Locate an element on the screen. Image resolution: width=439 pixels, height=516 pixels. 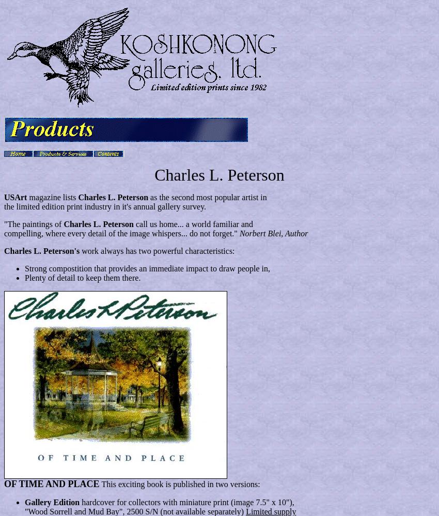
'Charles L. Peterson's' is located at coordinates (42, 250).